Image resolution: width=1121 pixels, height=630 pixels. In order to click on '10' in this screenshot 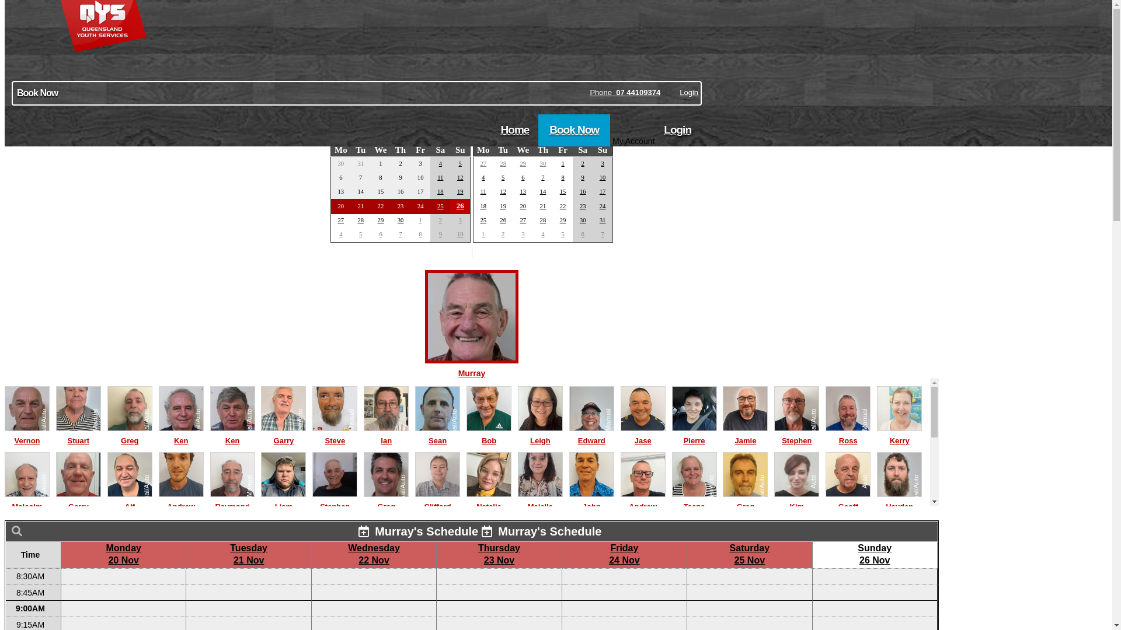, I will do `click(459, 234)`.